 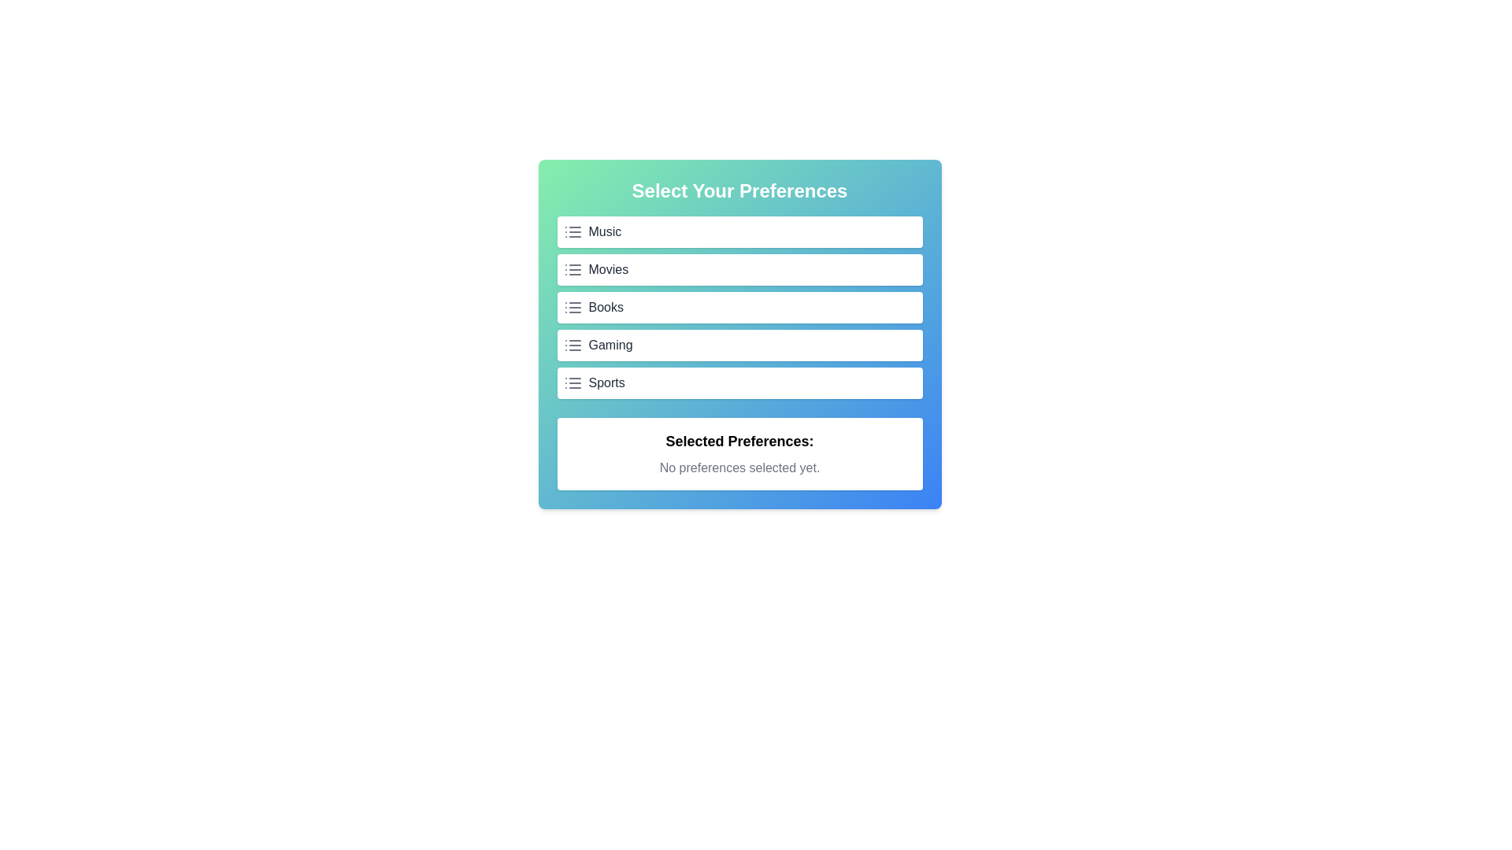 What do you see at coordinates (606, 382) in the screenshot?
I see `the 'Sports' preference list item located at the bottom of the vertical list labeled 'Select Your Preferences'` at bounding box center [606, 382].